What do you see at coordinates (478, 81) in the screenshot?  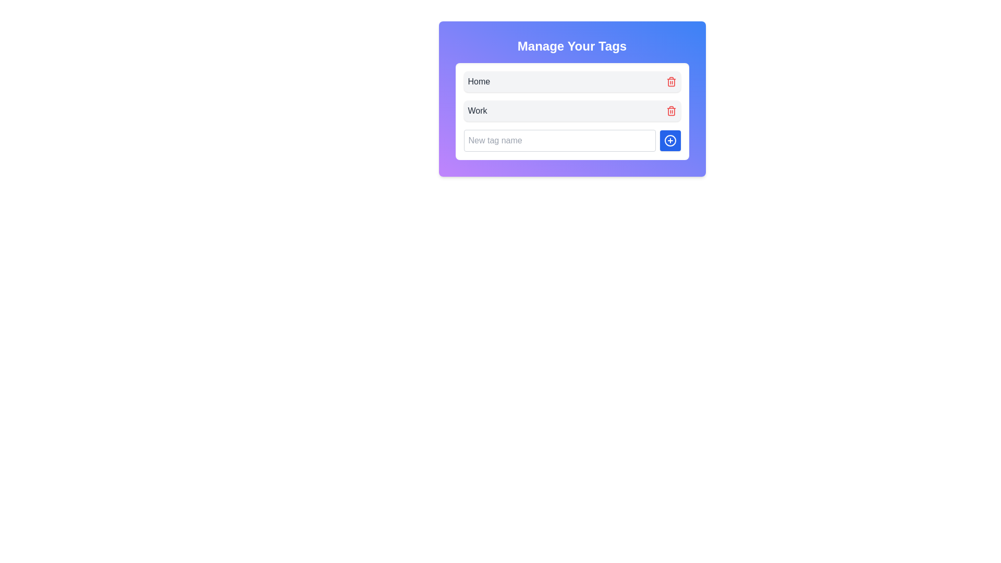 I see `the 'Home' text label, which is styled in dark gray and is the leftmost element in a navigation interface` at bounding box center [478, 81].